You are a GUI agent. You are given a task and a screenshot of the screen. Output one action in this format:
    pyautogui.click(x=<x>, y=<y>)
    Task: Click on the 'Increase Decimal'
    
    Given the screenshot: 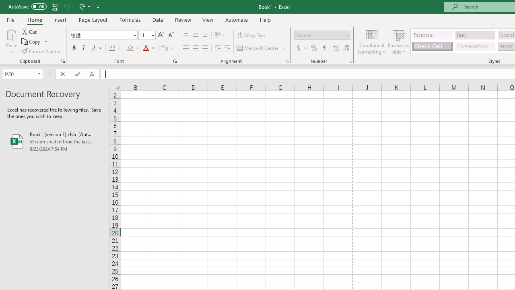 What is the action you would take?
    pyautogui.click(x=336, y=48)
    